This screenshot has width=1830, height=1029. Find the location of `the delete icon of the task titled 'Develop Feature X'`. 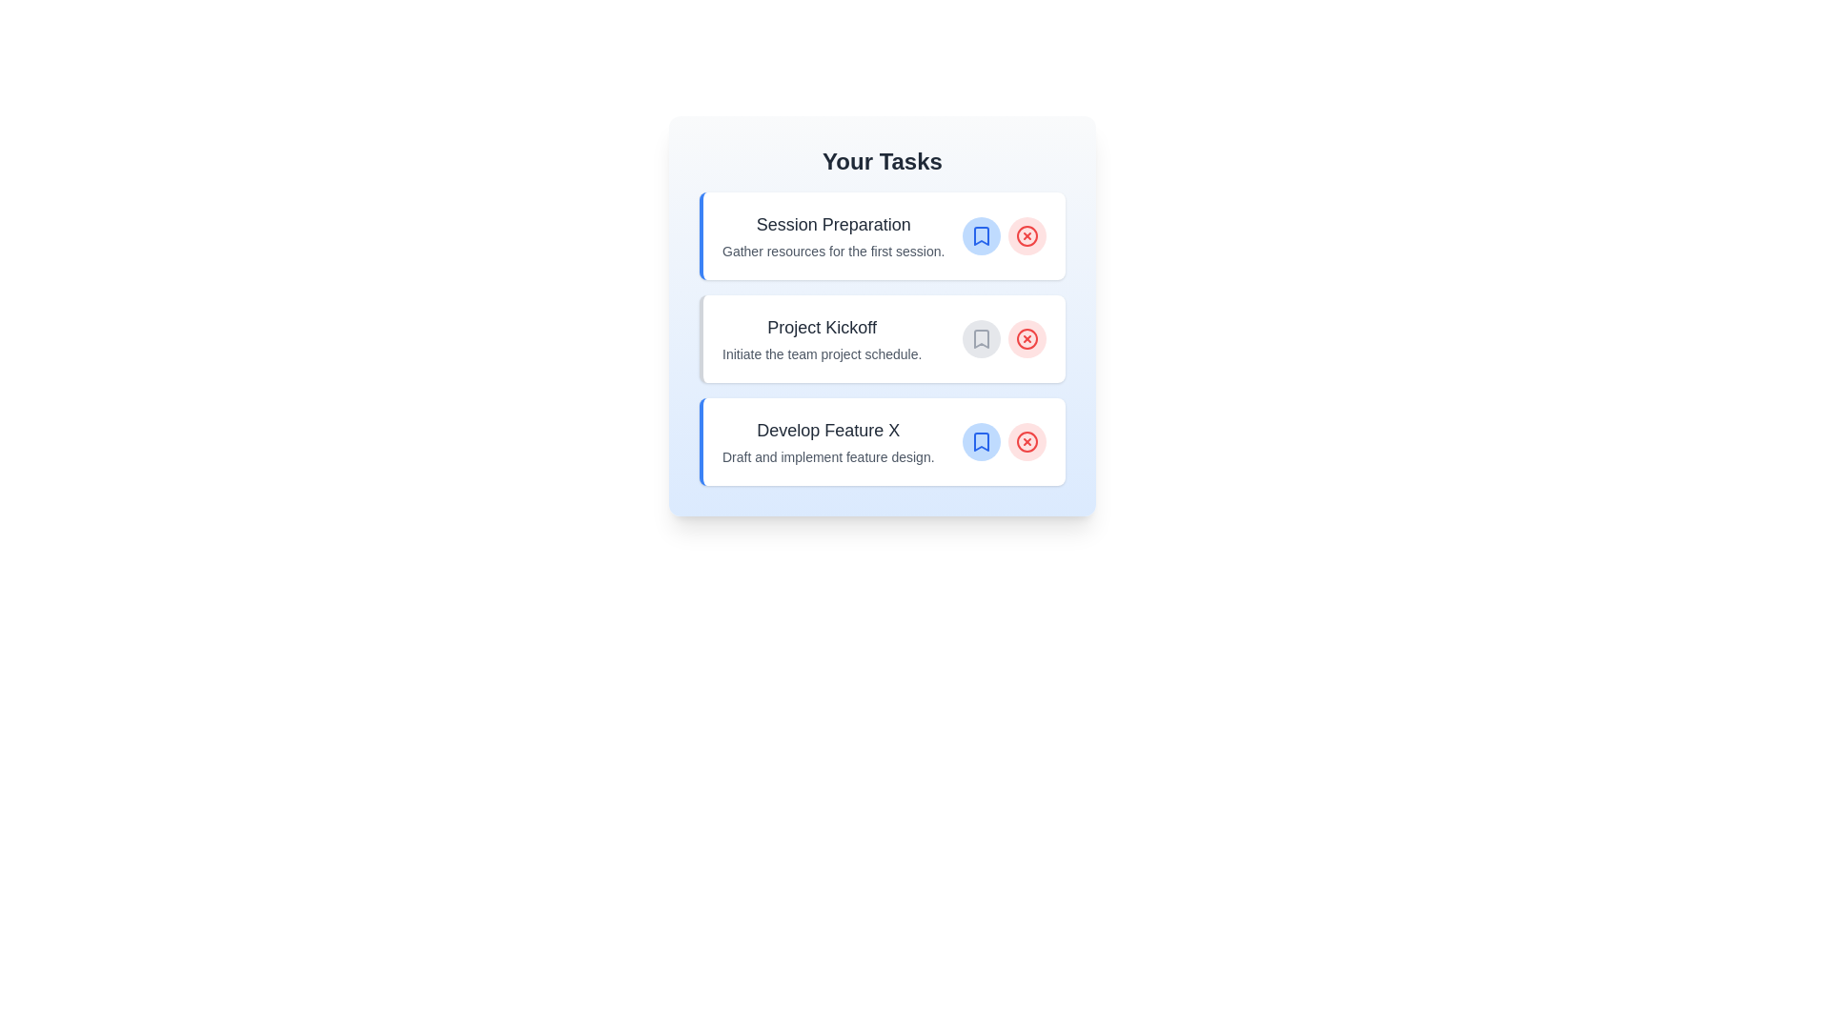

the delete icon of the task titled 'Develop Feature X' is located at coordinates (1027, 441).